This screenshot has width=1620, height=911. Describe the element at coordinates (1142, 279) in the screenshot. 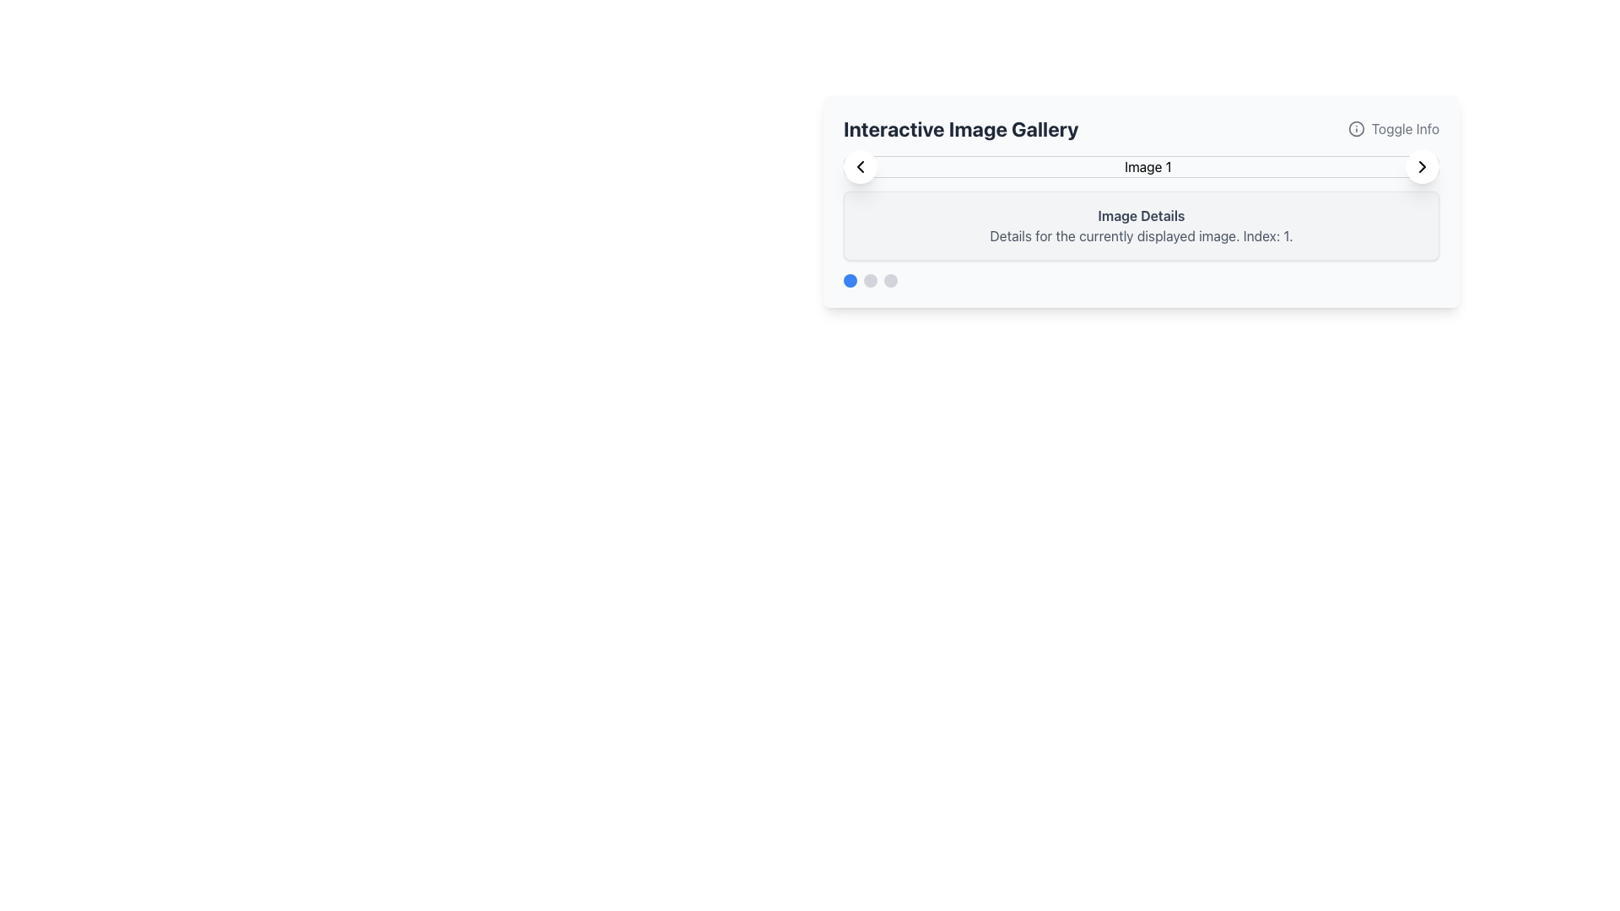

I see `the first circular indicator of the pagination located in the 'Interactive Image Gallery' panel` at that location.